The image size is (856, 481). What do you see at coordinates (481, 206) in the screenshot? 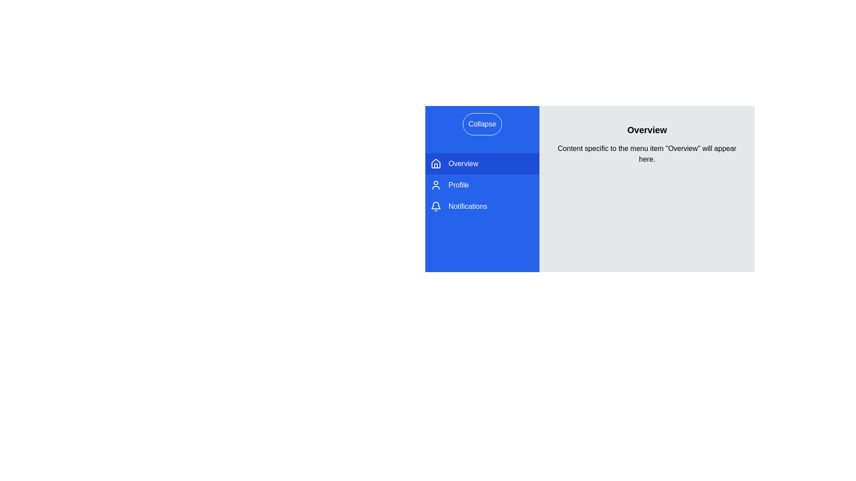
I see `the third menu item in the left navigation panel` at bounding box center [481, 206].